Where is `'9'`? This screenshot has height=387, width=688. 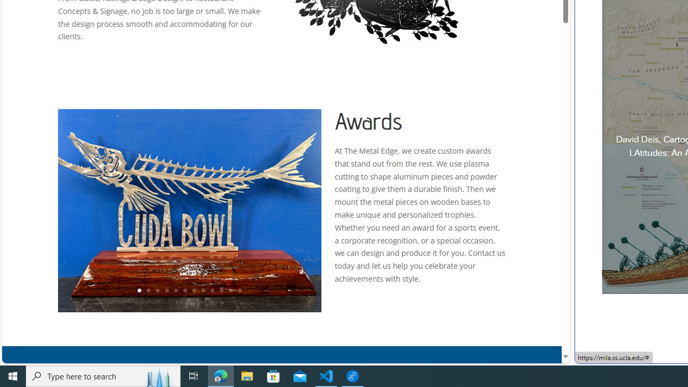 '9' is located at coordinates (212, 291).